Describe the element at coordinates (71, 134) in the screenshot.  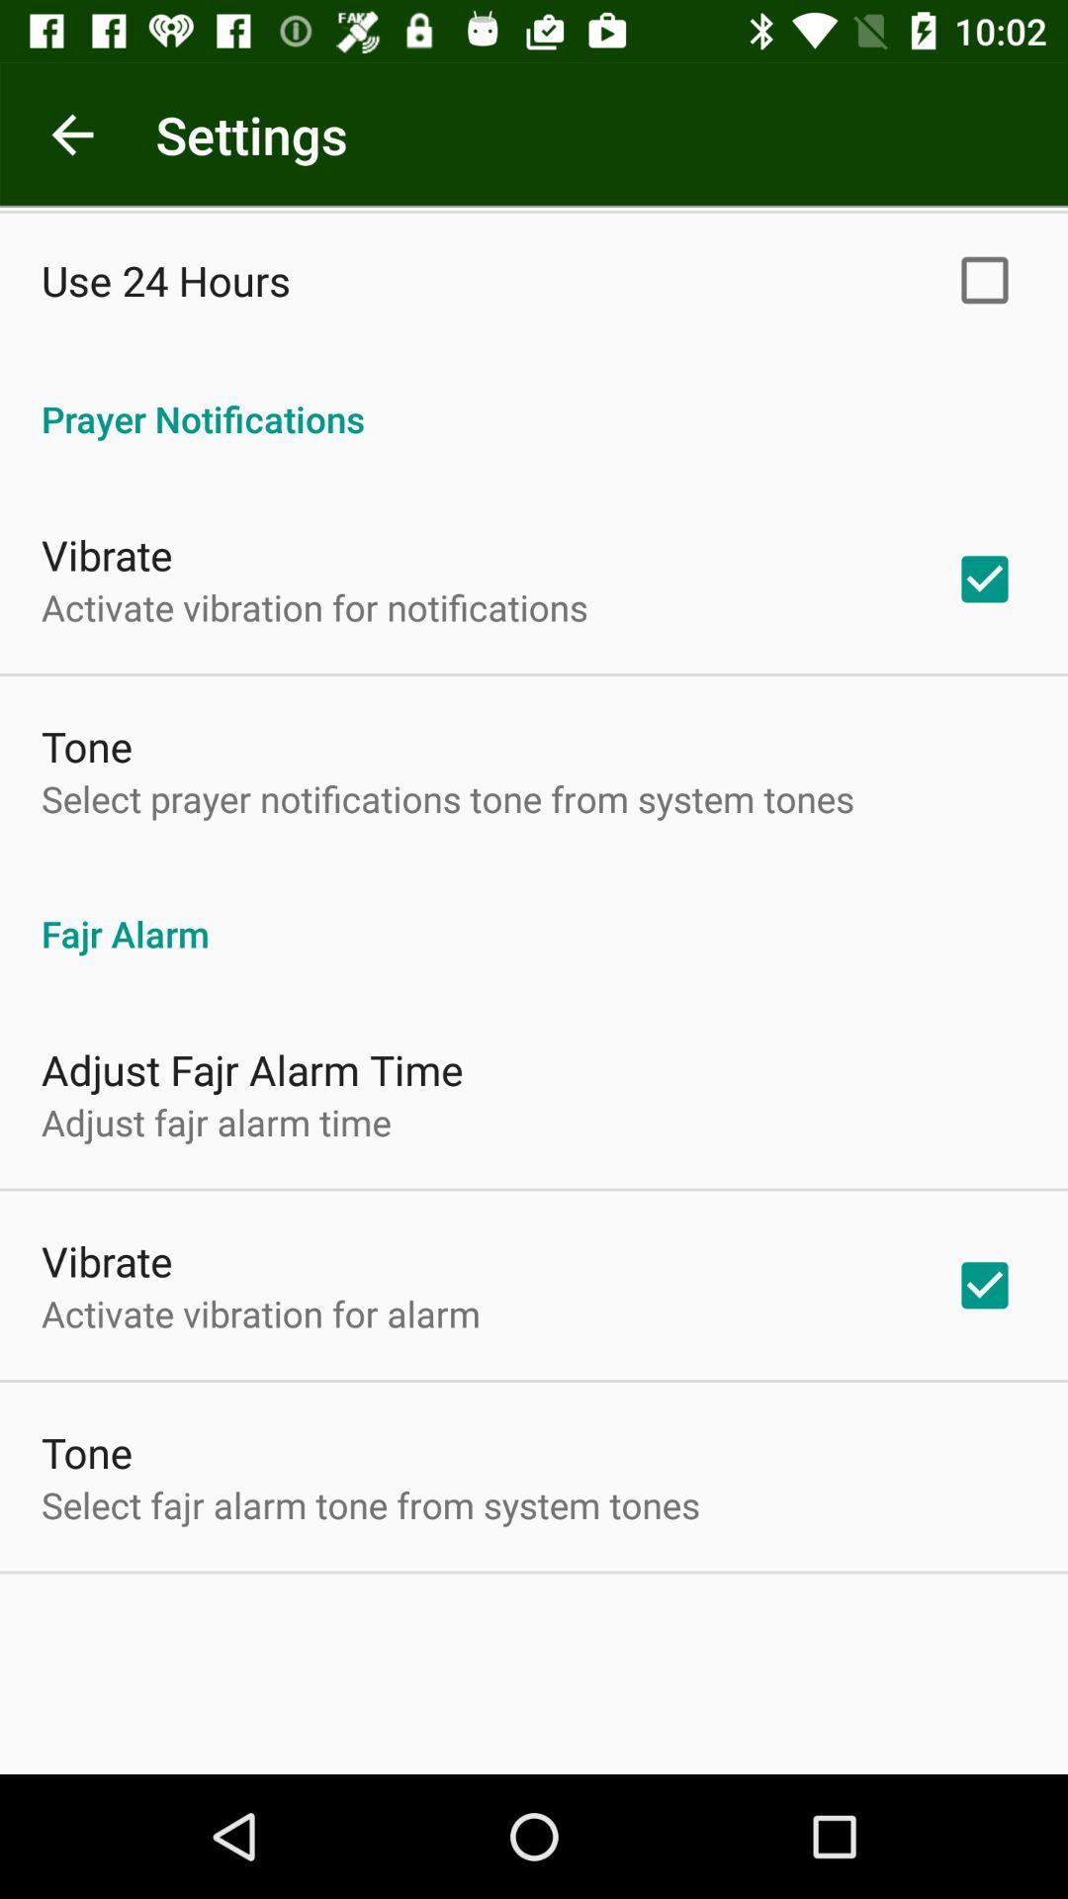
I see `go back` at that location.